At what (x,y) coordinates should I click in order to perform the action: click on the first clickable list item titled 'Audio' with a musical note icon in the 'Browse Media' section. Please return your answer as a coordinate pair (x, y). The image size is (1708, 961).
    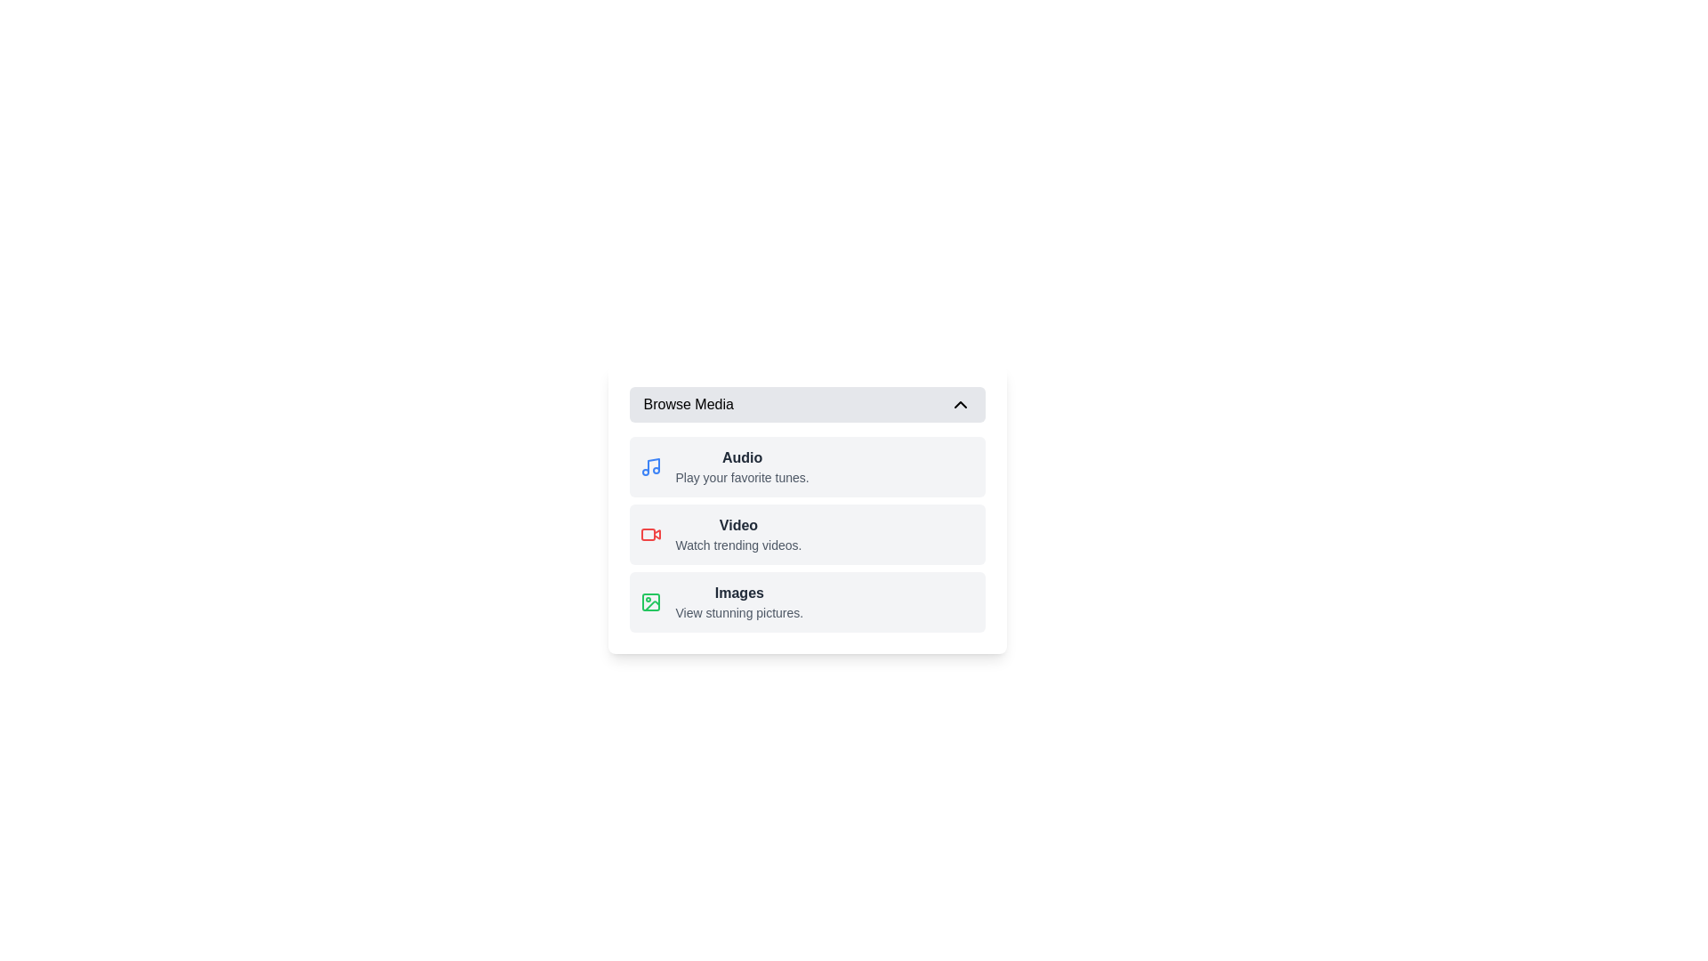
    Looking at the image, I should click on (742, 465).